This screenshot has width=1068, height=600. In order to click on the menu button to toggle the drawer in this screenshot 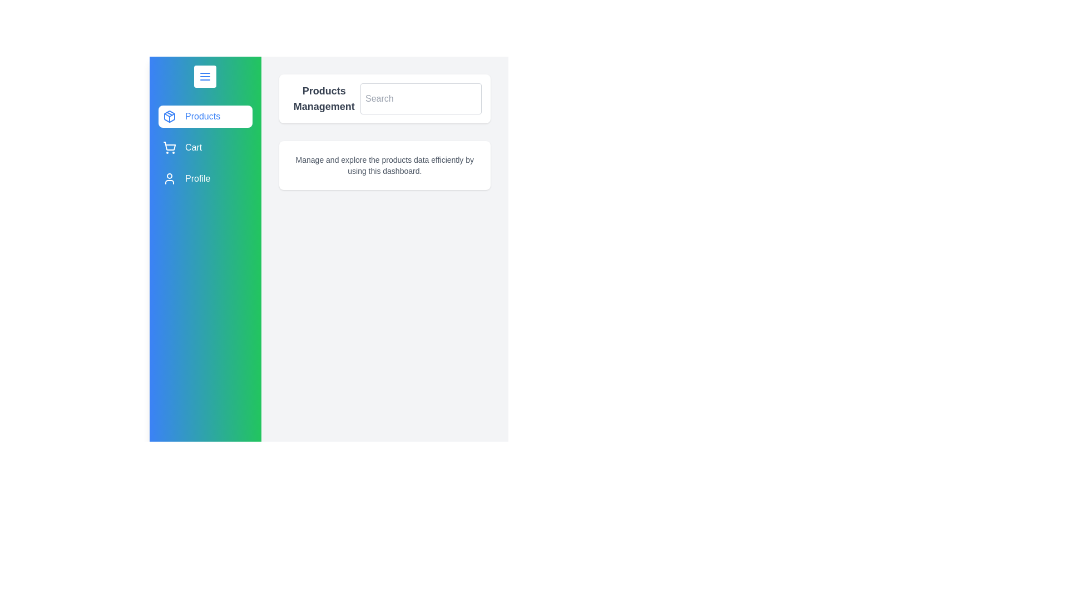, I will do `click(205, 76)`.